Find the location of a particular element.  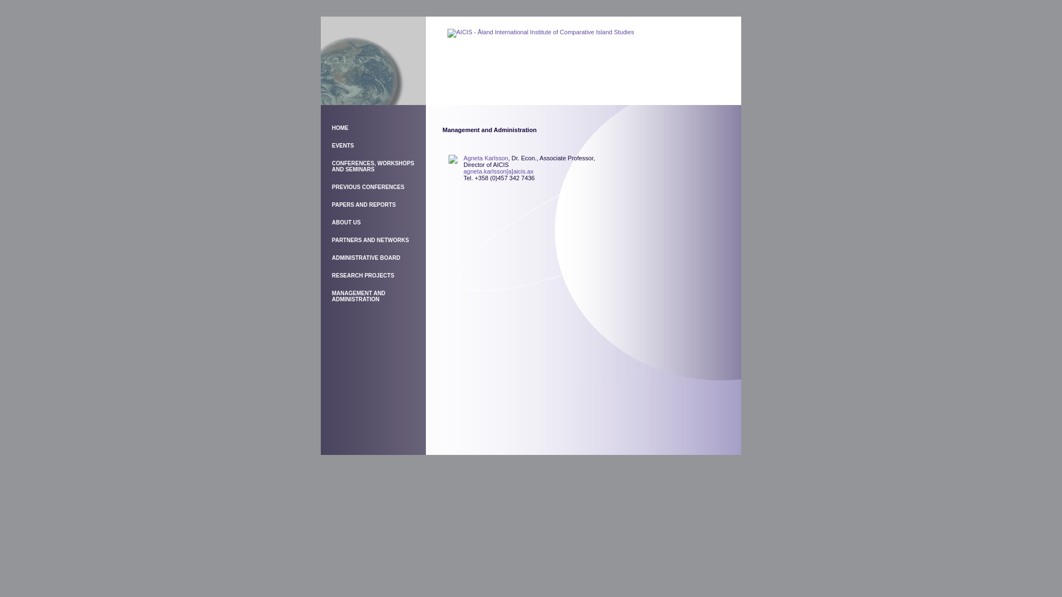

'ABOUT US' is located at coordinates (345, 222).